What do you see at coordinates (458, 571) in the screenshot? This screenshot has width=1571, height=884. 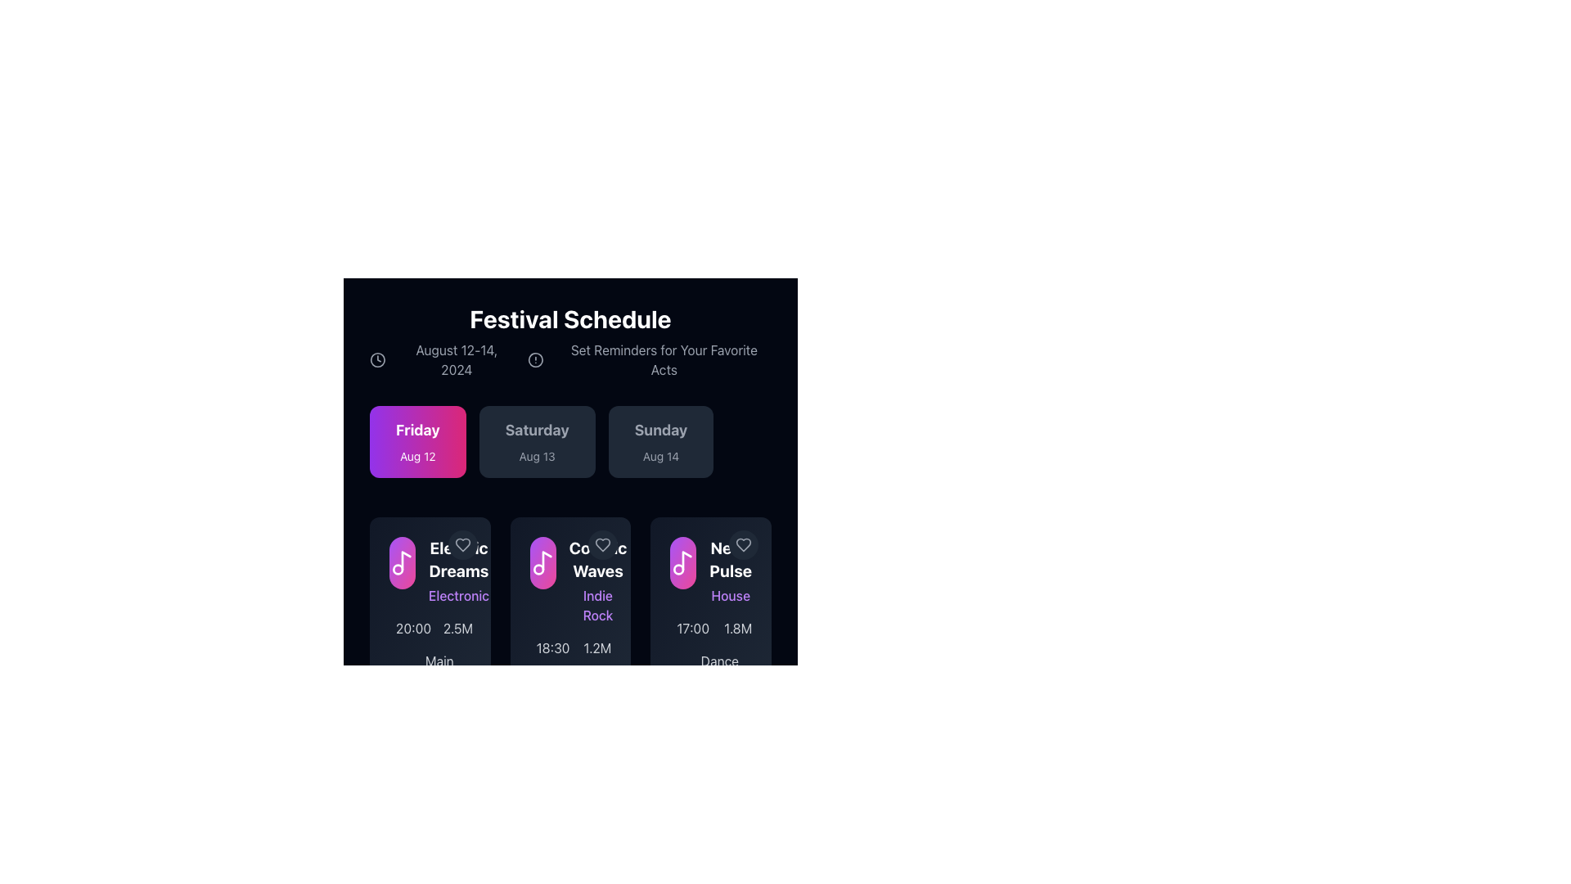 I see `the 'Electric Dreams' text label, which consists of two lines of text in a dark rectangular background, located in the 'Friday, Aug 12' section of the Festival Schedule` at bounding box center [458, 571].